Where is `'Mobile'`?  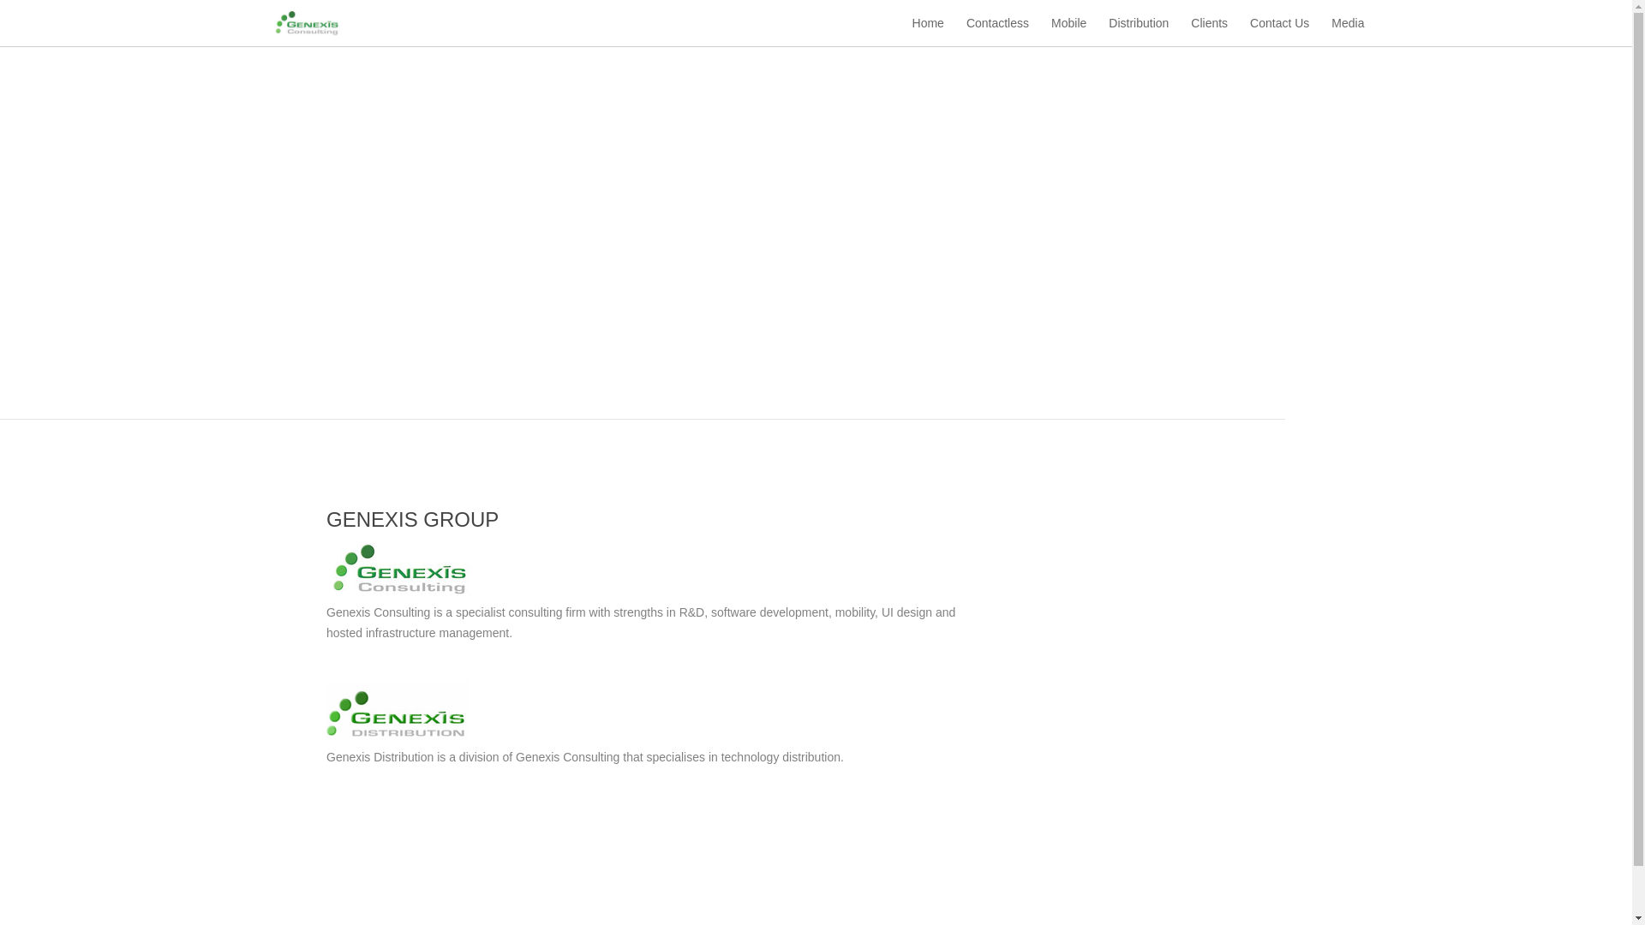
'Mobile' is located at coordinates (1050, 32).